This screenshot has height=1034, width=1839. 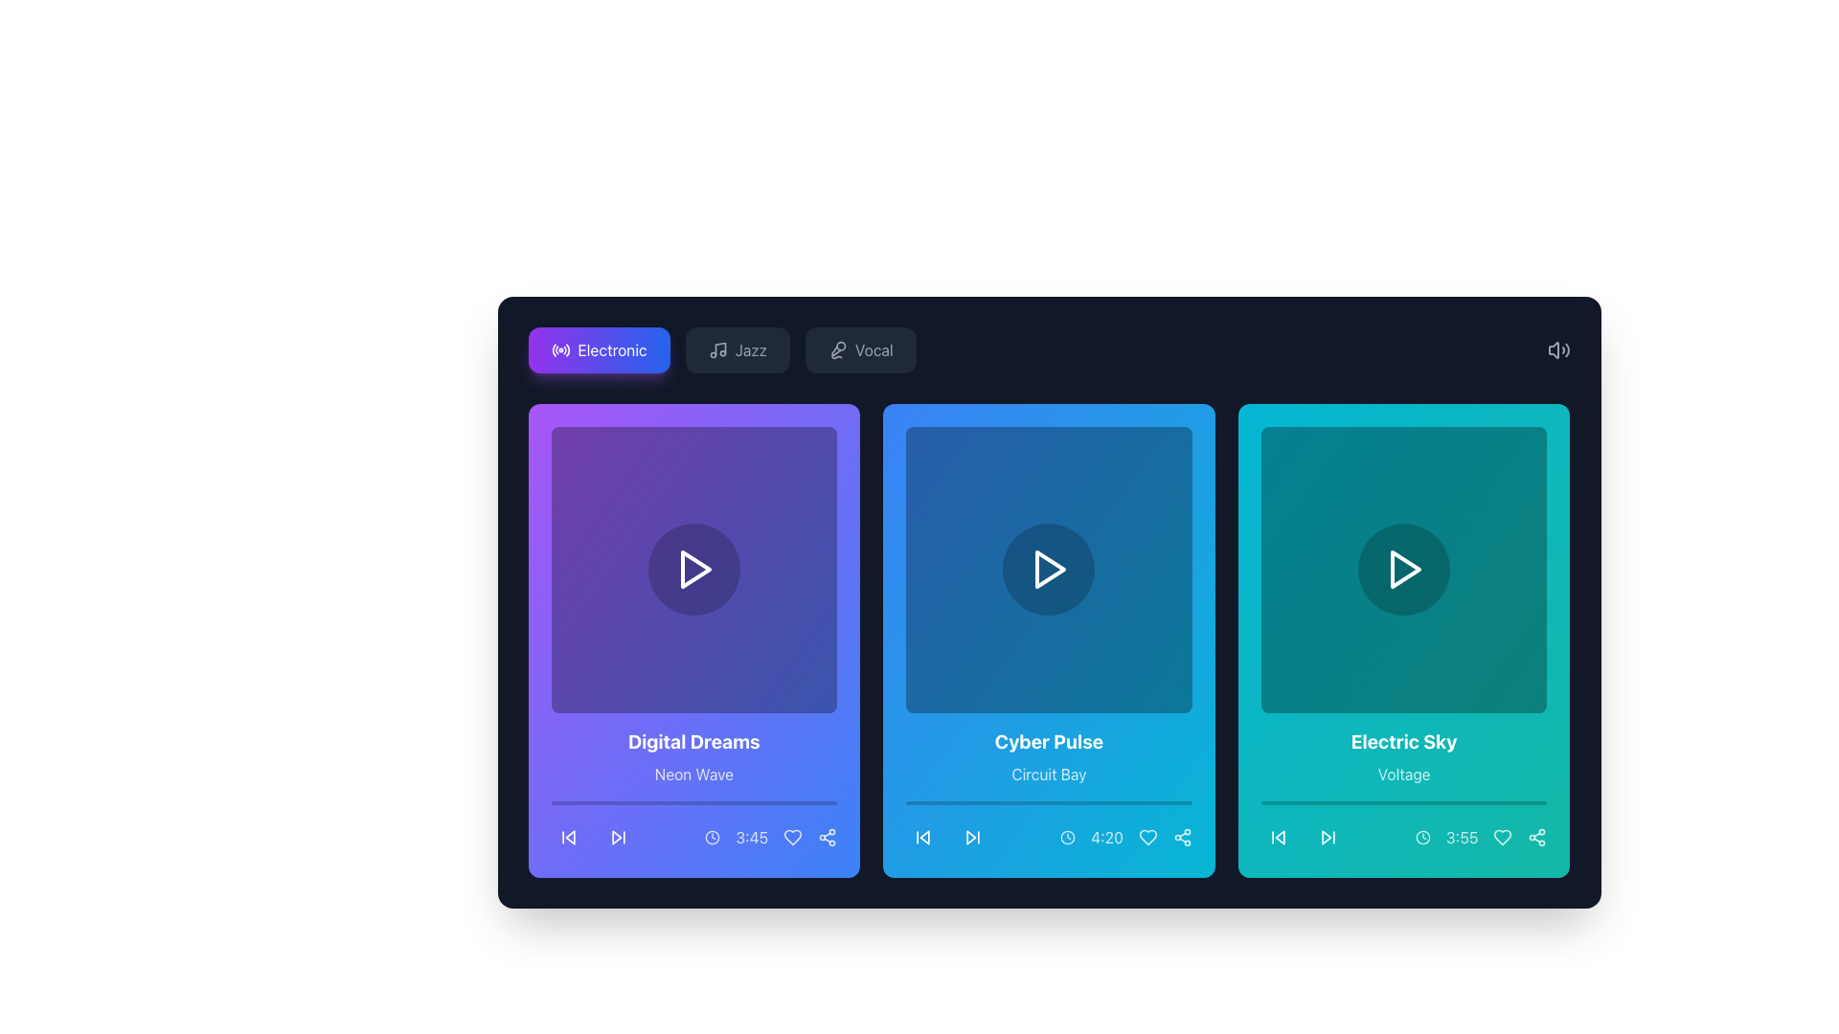 I want to click on the play button represented by an SVG triangle in the center of the 'Cyber Pulse' card, so click(x=1050, y=569).